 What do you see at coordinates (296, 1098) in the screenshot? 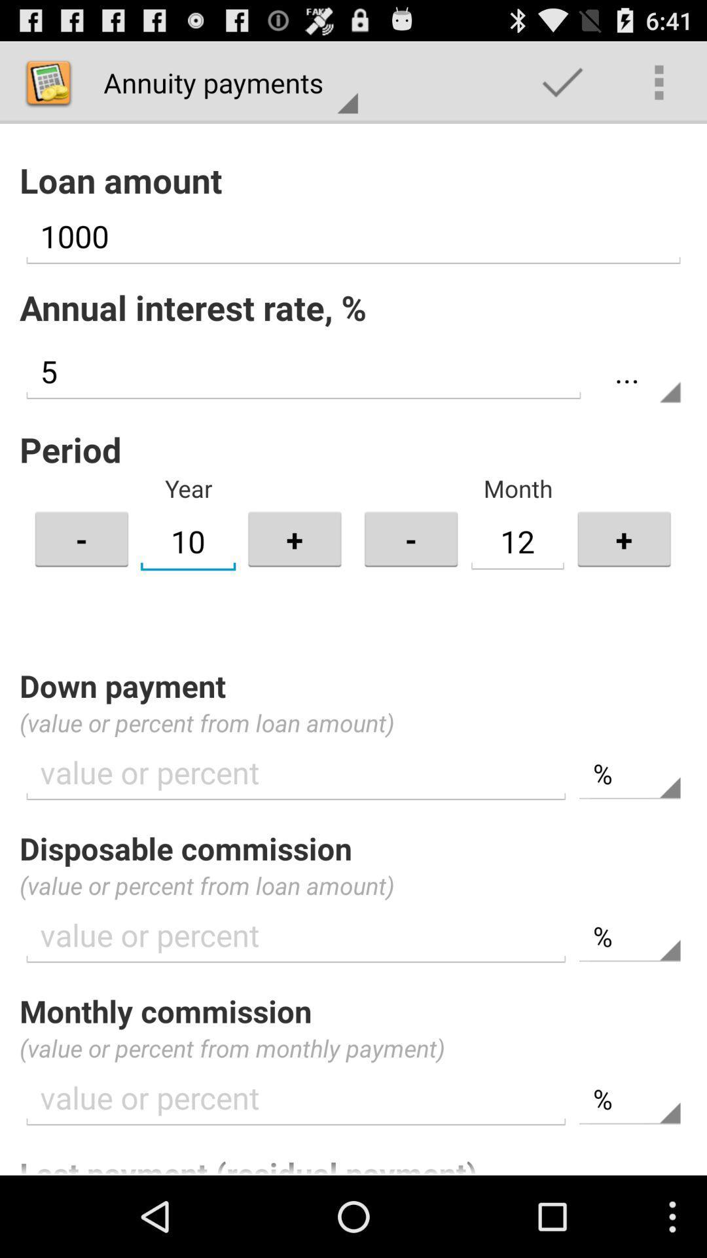
I see `value or percent` at bounding box center [296, 1098].